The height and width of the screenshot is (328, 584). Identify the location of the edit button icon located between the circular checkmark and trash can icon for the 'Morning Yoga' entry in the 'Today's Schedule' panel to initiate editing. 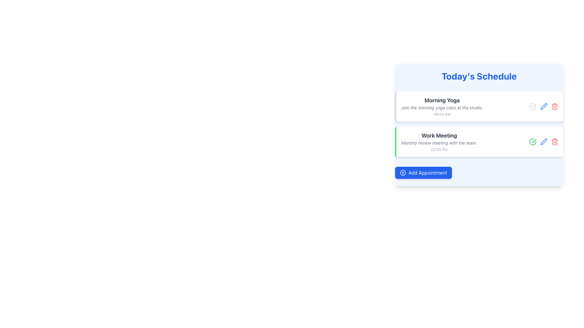
(544, 106).